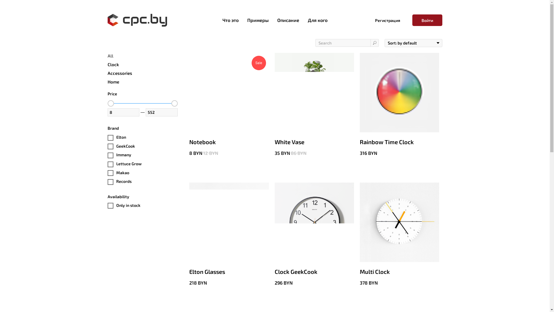 The height and width of the screenshot is (312, 554). What do you see at coordinates (229, 105) in the screenshot?
I see `'Sale` at bounding box center [229, 105].